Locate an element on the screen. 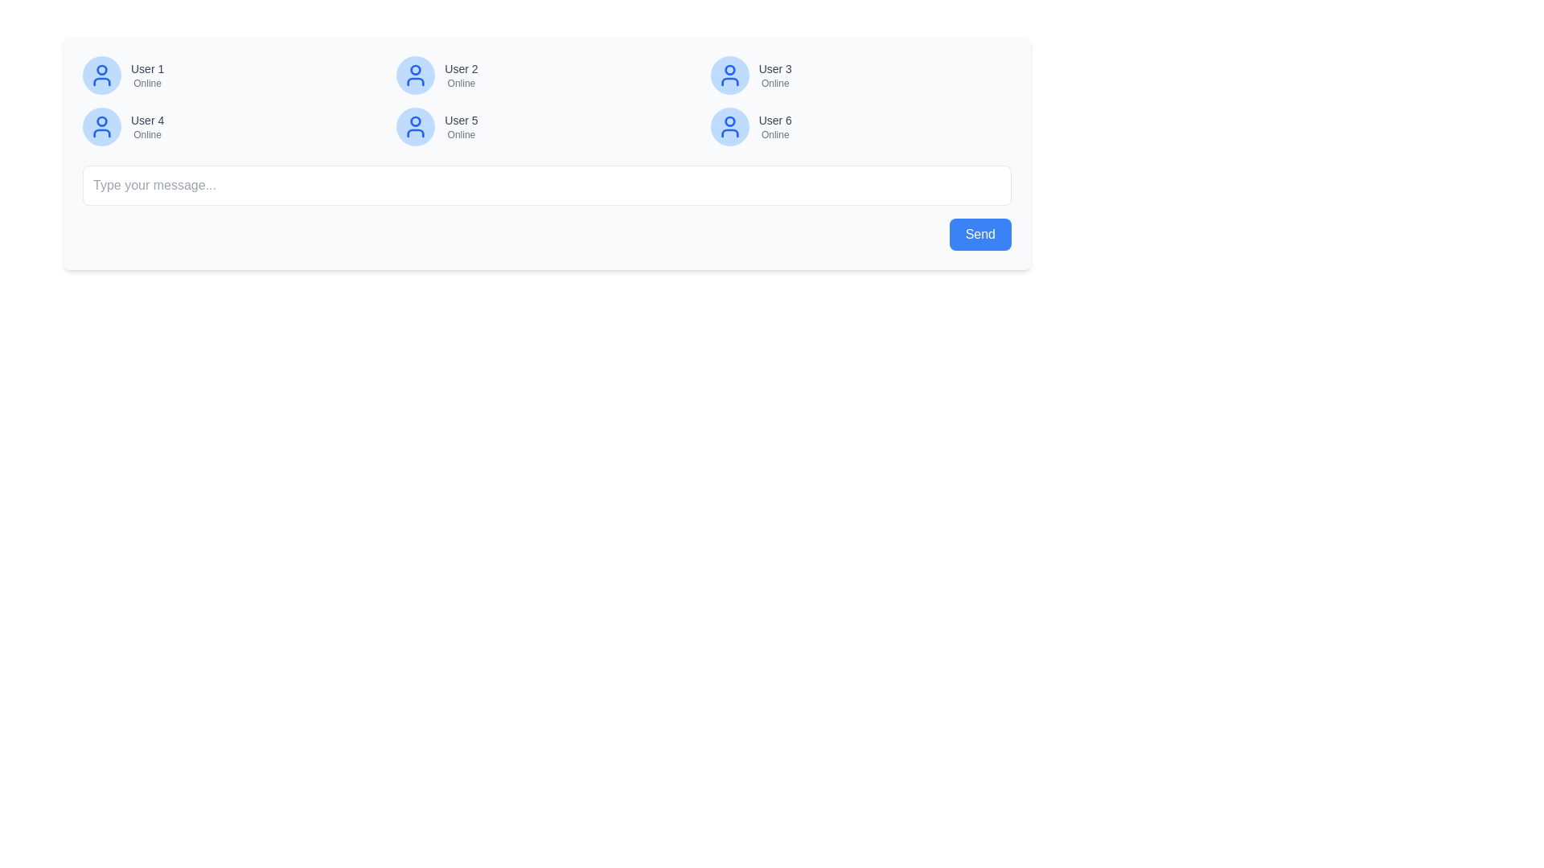  the information displayed in the text label indicating the username 'User 3' and their current online status, located in the top-right quadrant of the interface is located at coordinates (775, 75).